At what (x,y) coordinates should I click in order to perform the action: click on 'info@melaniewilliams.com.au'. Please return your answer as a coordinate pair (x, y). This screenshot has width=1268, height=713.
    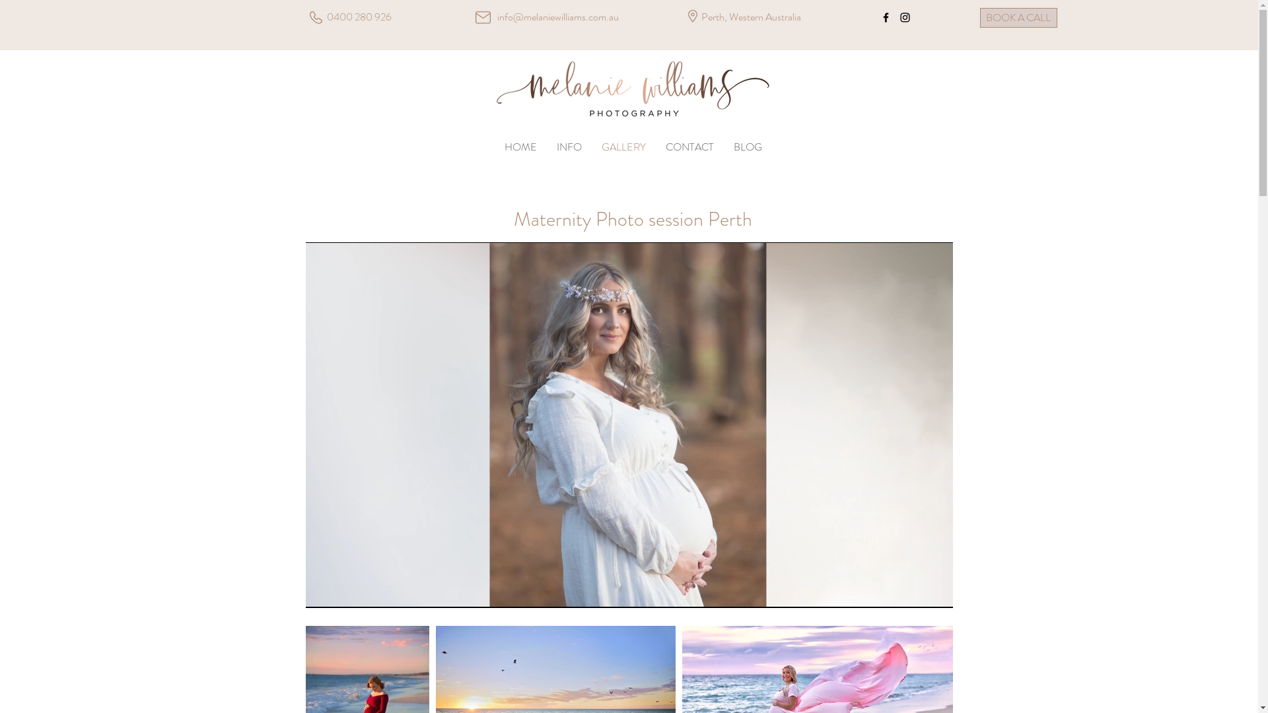
    Looking at the image, I should click on (557, 17).